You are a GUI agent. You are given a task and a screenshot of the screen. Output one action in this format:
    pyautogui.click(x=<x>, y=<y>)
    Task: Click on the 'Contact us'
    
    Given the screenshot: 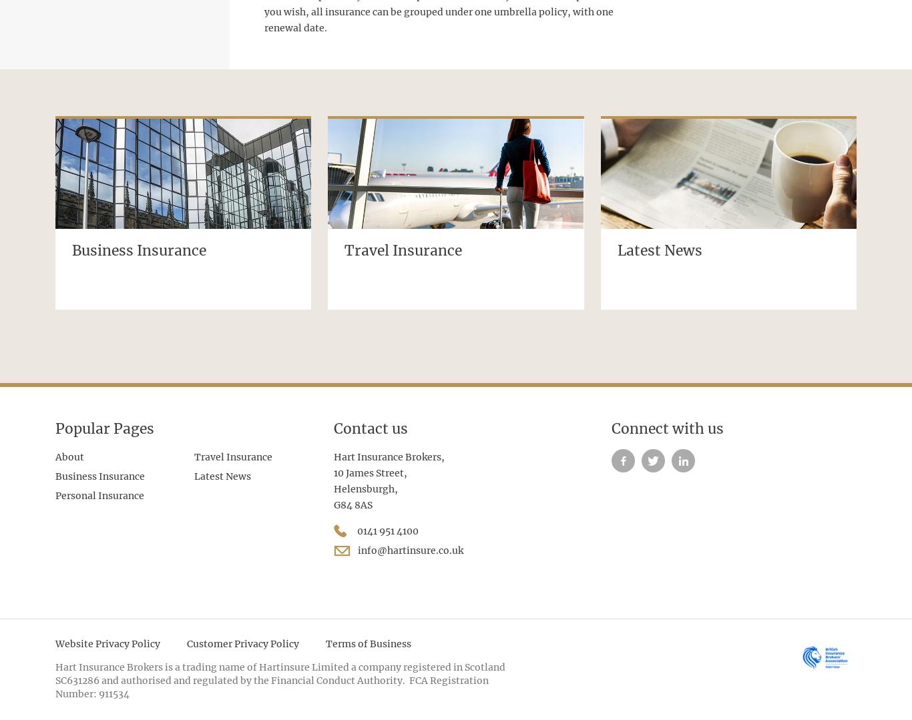 What is the action you would take?
    pyautogui.click(x=332, y=428)
    